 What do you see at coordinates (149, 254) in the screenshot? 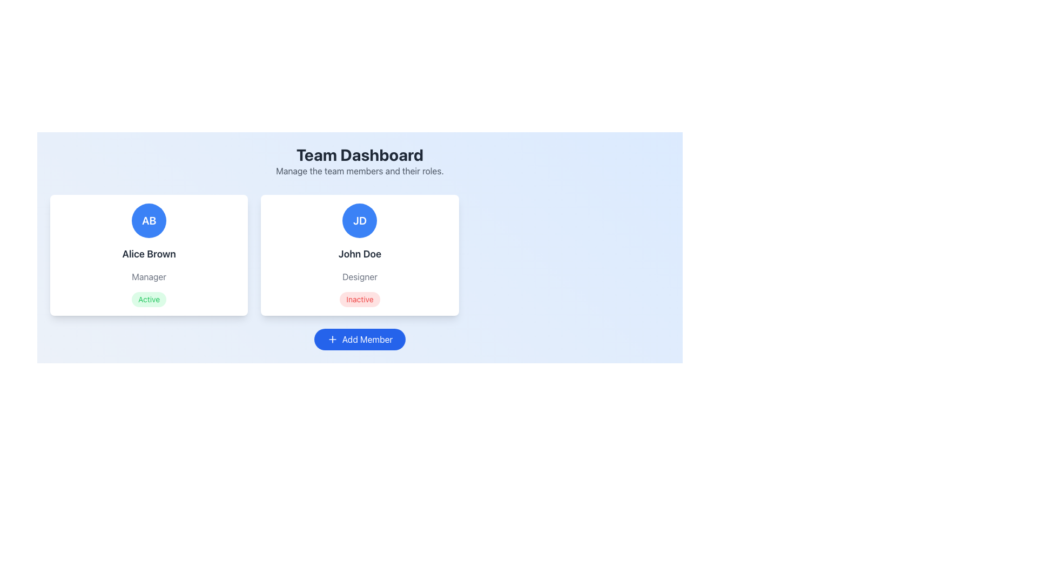
I see `the informational text label displaying the name 'Alice Brown', which is located centrally below the profile indicator and above the role label in a user card` at bounding box center [149, 254].